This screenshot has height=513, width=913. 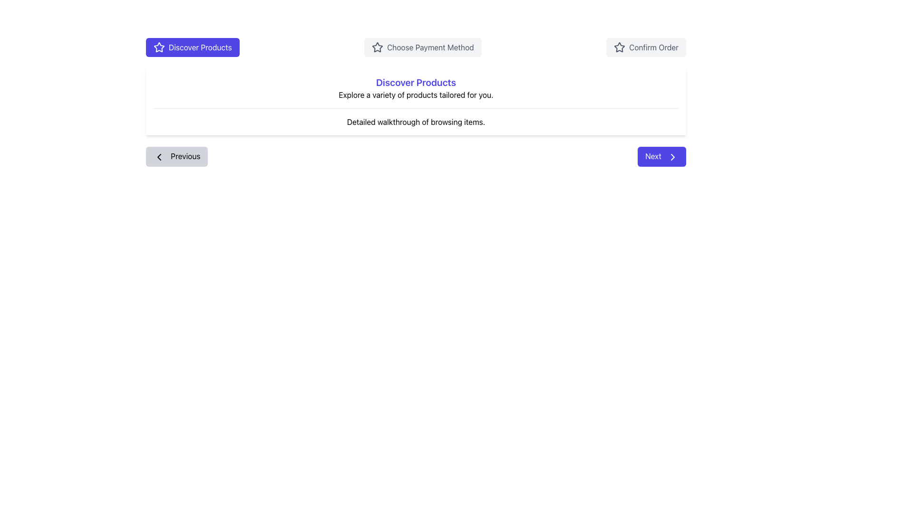 I want to click on the star icon within the 'Confirm Order' button located in the upper right area of the interface, so click(x=620, y=47).